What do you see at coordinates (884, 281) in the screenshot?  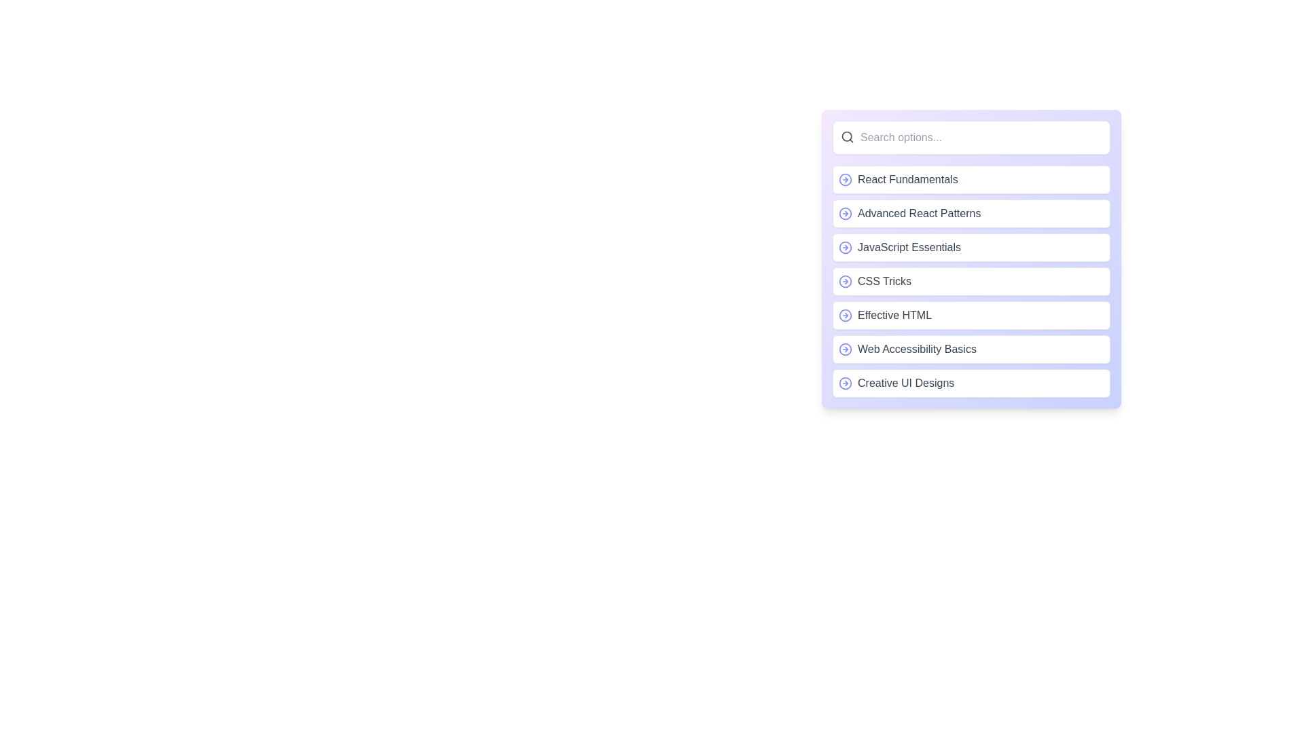 I see `the text label displaying 'CSS Tricks', which is styled in gray and is the fourth item in a list-like structure` at bounding box center [884, 281].